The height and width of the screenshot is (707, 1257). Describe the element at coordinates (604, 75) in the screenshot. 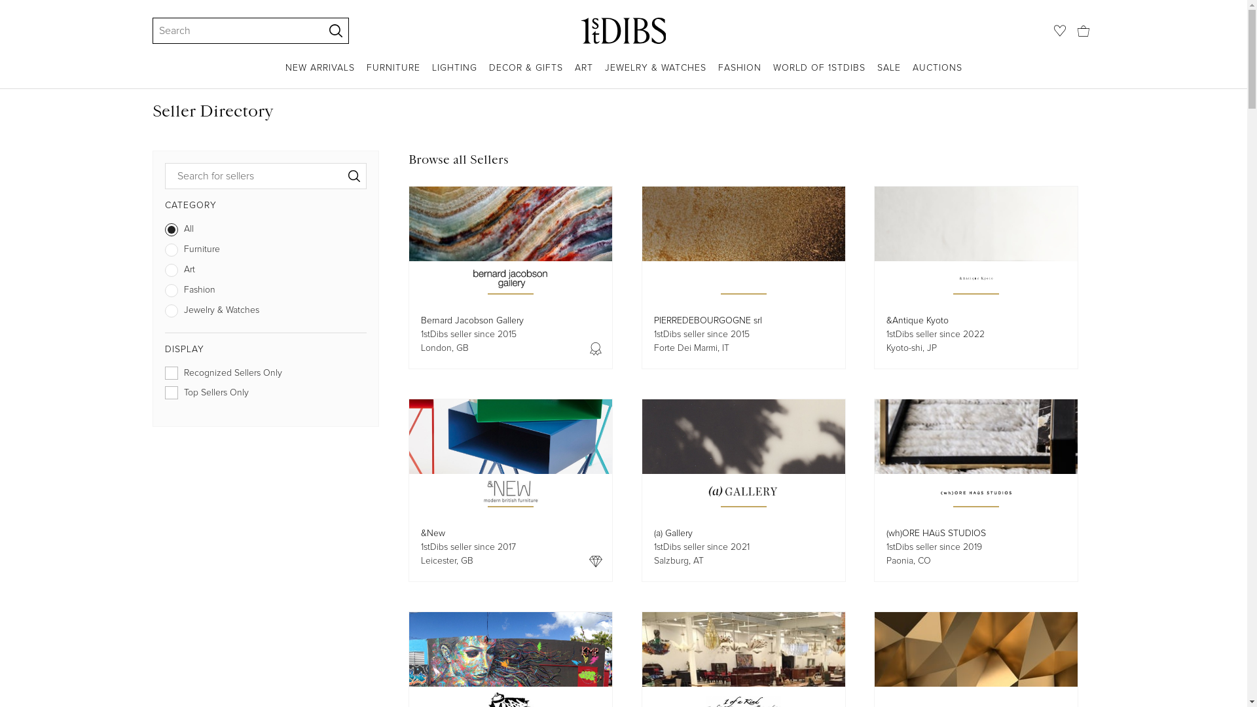

I see `'JEWELRY & WATCHES'` at that location.